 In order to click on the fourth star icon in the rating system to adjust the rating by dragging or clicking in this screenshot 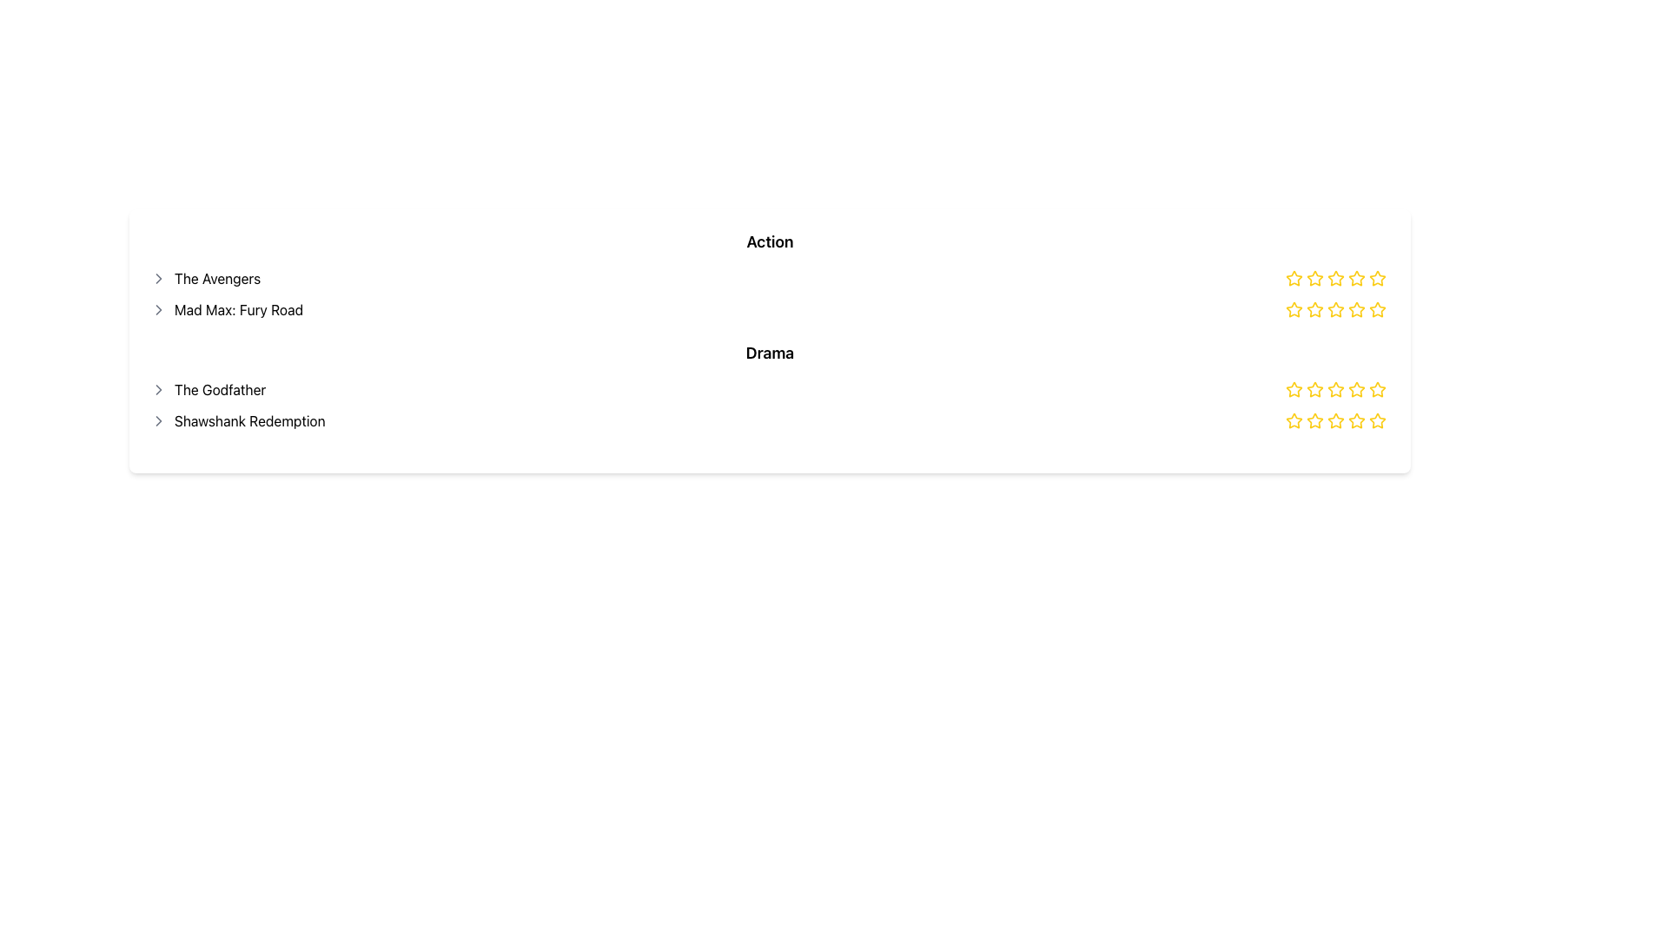, I will do `click(1334, 309)`.